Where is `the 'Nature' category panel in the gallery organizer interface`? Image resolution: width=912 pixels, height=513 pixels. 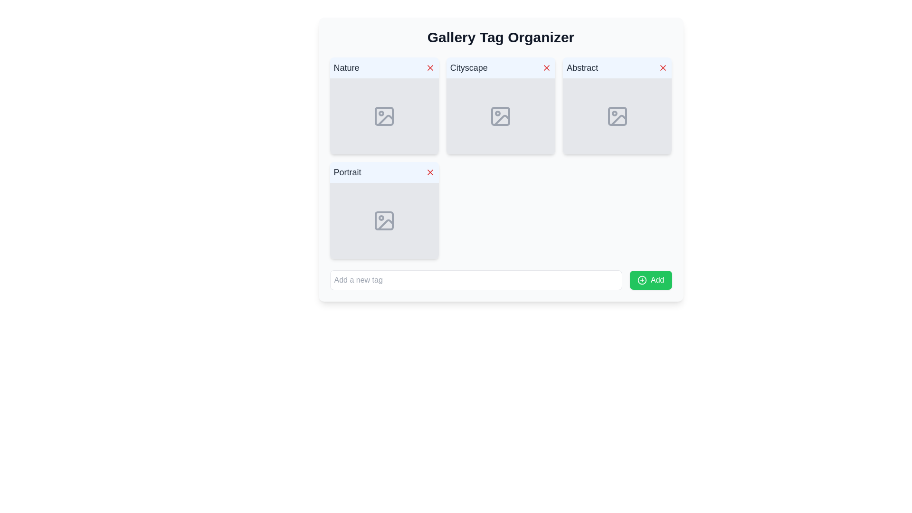
the 'Nature' category panel in the gallery organizer interface is located at coordinates (384, 106).